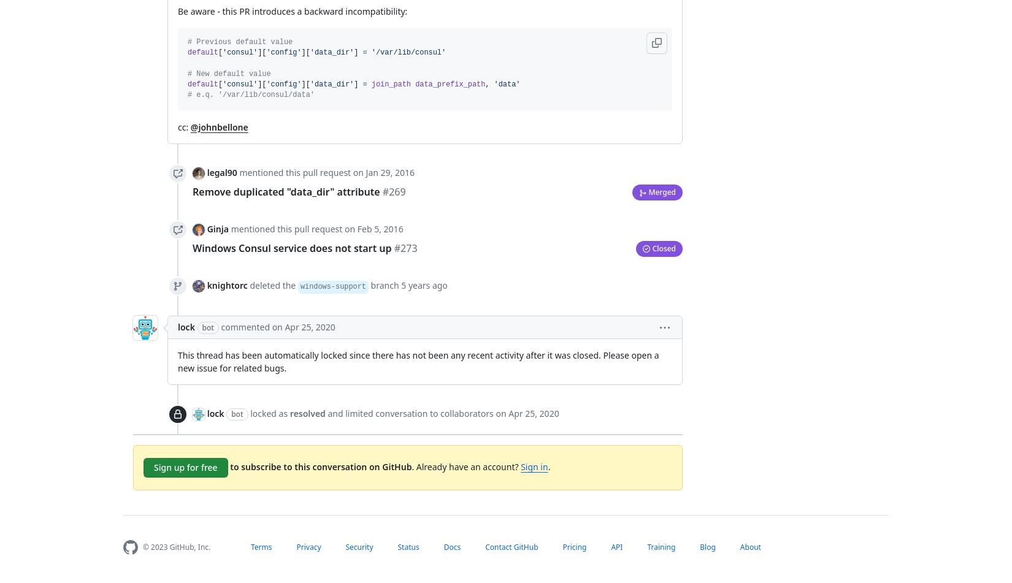  I want to click on 'deleted the', so click(247, 285).